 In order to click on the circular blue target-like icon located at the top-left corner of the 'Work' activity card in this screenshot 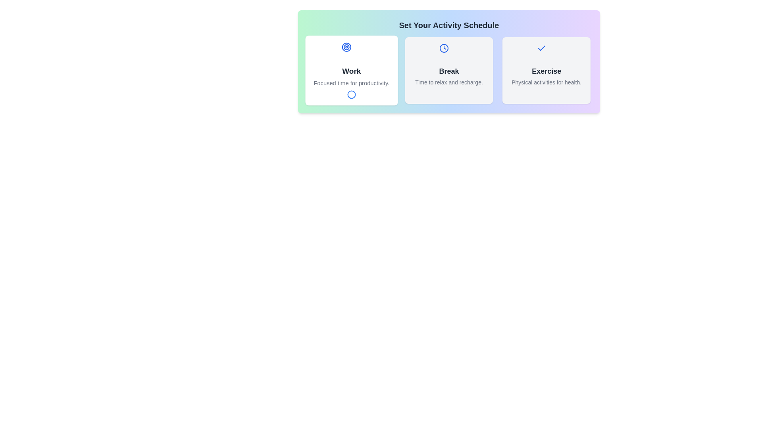, I will do `click(346, 47)`.